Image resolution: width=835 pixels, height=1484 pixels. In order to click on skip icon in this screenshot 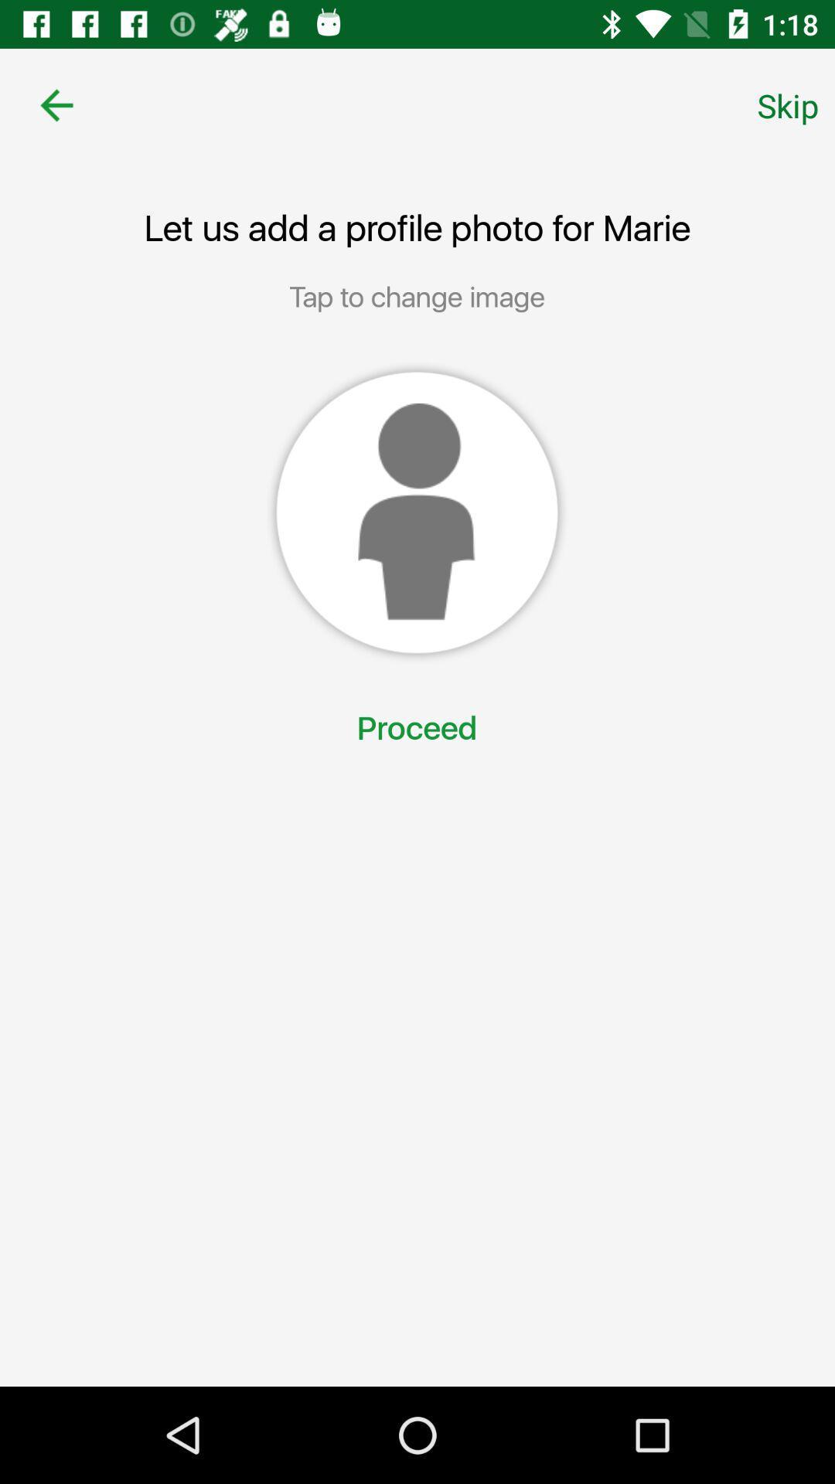, I will do `click(788, 104)`.